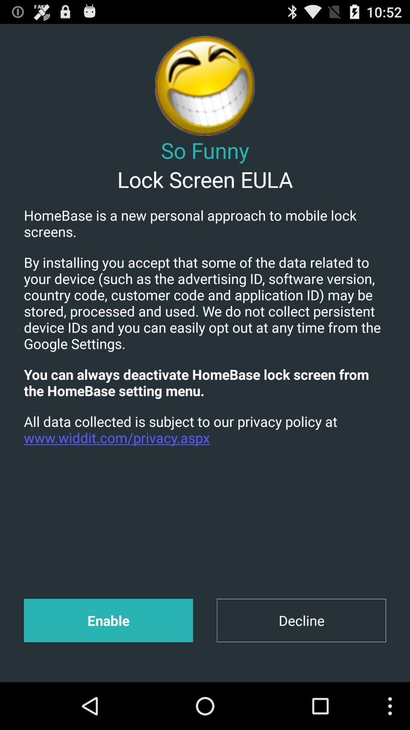 The height and width of the screenshot is (730, 410). I want to click on icon above the by installing you item, so click(205, 223).